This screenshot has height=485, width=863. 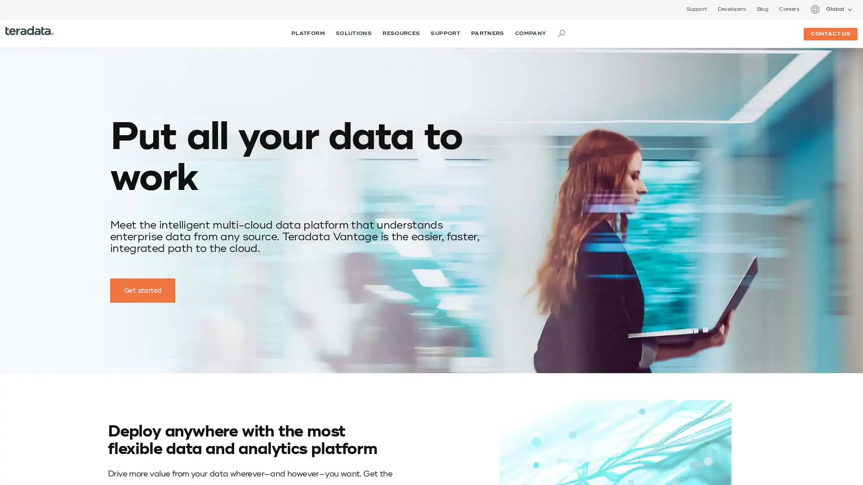 I want to click on Global, so click(x=830, y=9).